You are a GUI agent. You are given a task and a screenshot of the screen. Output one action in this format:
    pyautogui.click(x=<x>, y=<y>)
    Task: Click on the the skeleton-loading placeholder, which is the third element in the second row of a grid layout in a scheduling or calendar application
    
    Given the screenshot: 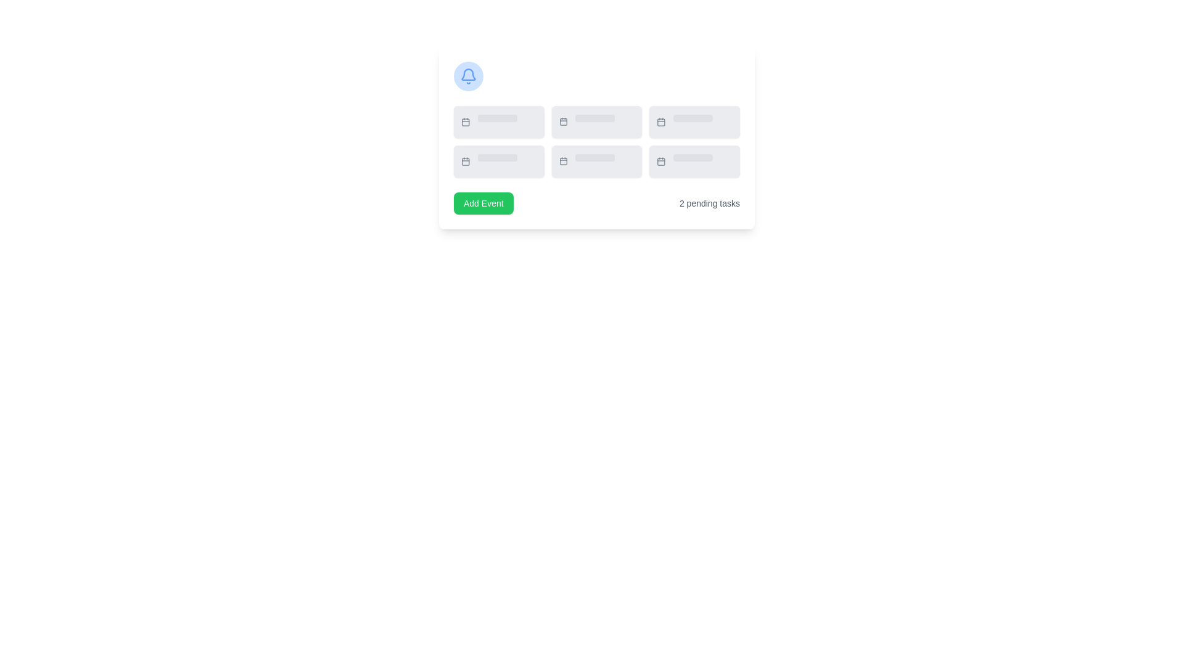 What is the action you would take?
    pyautogui.click(x=703, y=121)
    